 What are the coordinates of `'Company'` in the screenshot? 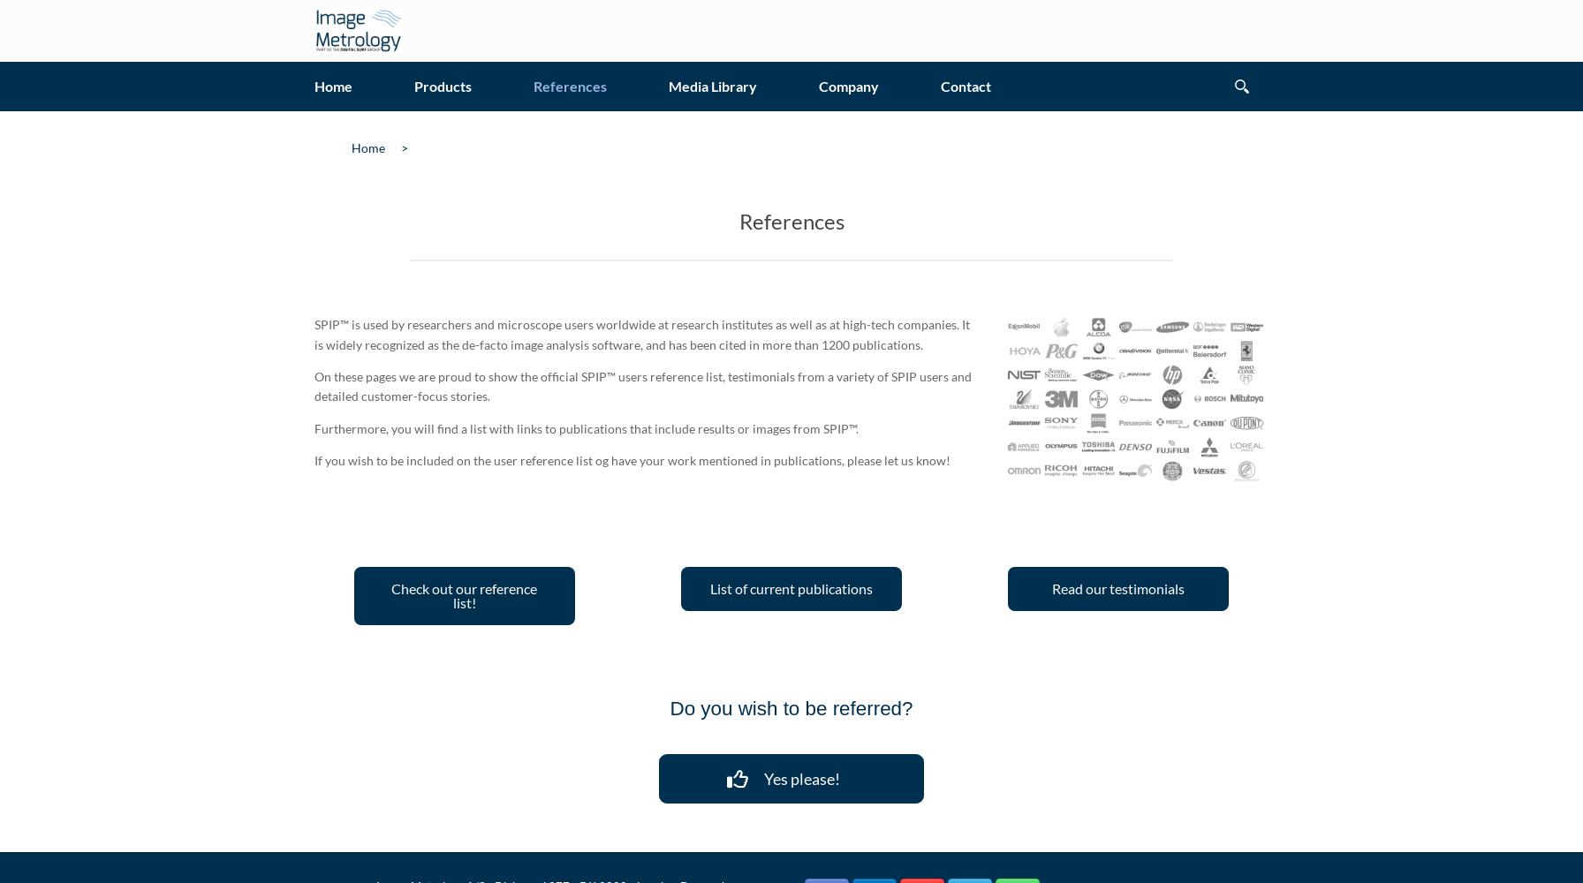 It's located at (849, 85).